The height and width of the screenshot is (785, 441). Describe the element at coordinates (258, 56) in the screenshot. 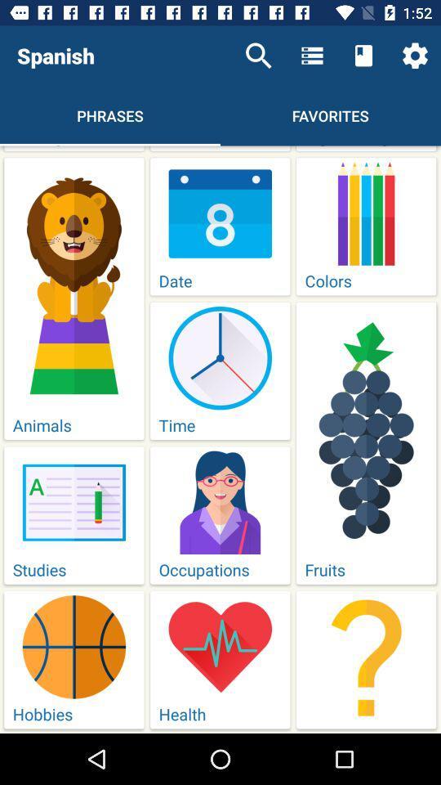

I see `item next to the spanish icon` at that location.